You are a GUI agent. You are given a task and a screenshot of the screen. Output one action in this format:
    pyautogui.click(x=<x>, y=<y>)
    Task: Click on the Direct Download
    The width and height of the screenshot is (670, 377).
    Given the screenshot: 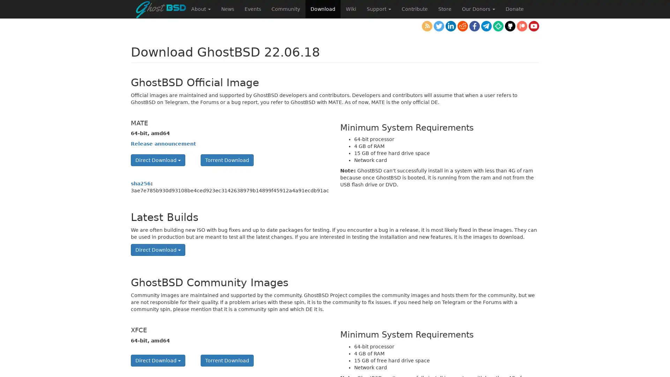 What is the action you would take?
    pyautogui.click(x=157, y=361)
    